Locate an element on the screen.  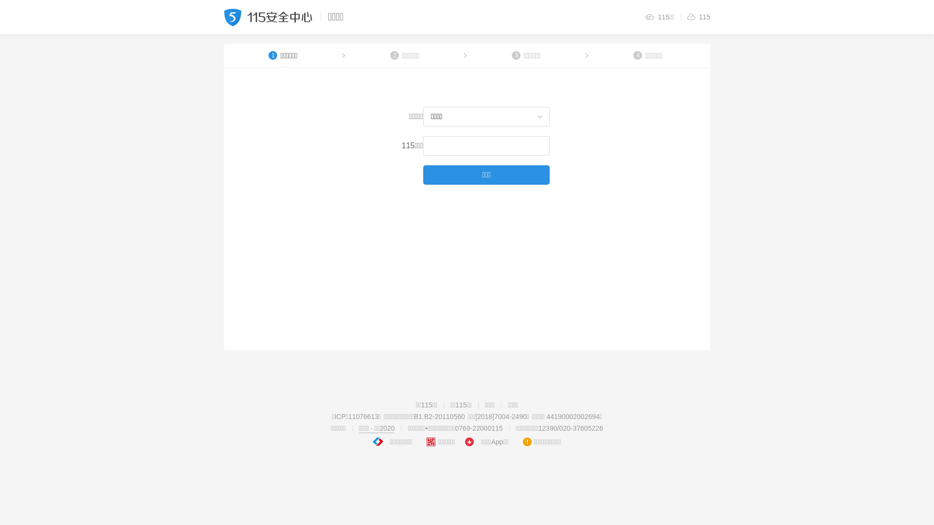
'115' is located at coordinates (698, 17).